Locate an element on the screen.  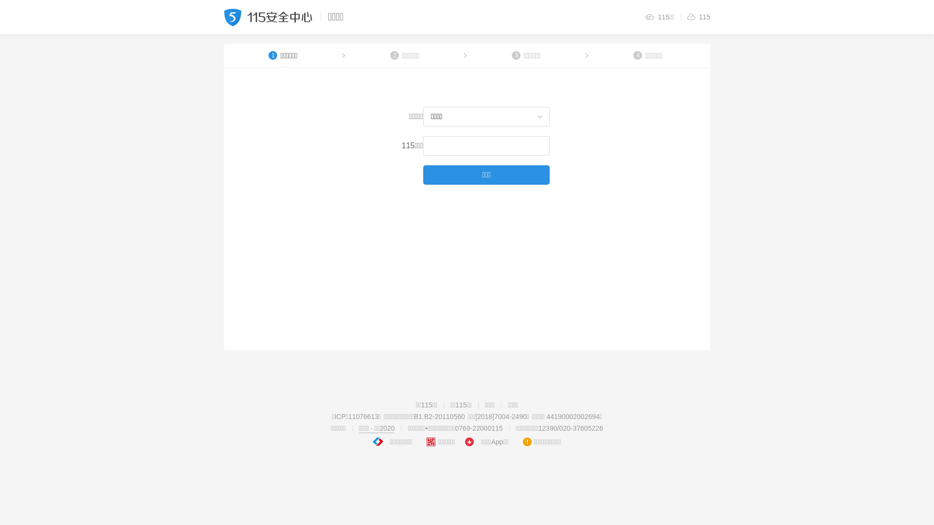
'115' is located at coordinates (698, 17).